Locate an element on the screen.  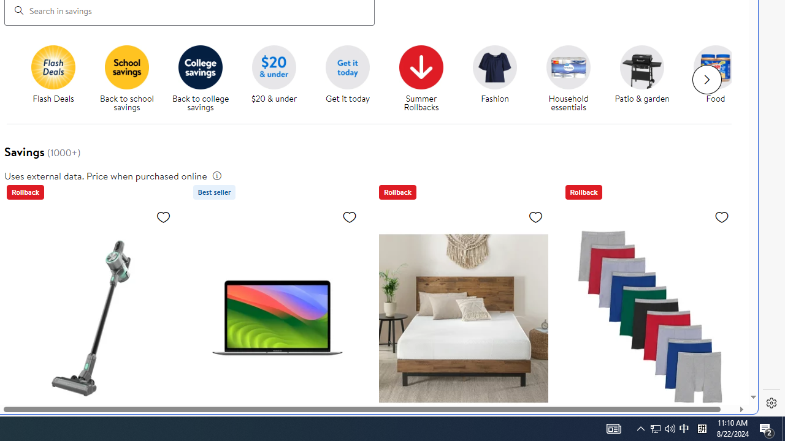
'$20 and under $20 & under' is located at coordinates (274, 75).